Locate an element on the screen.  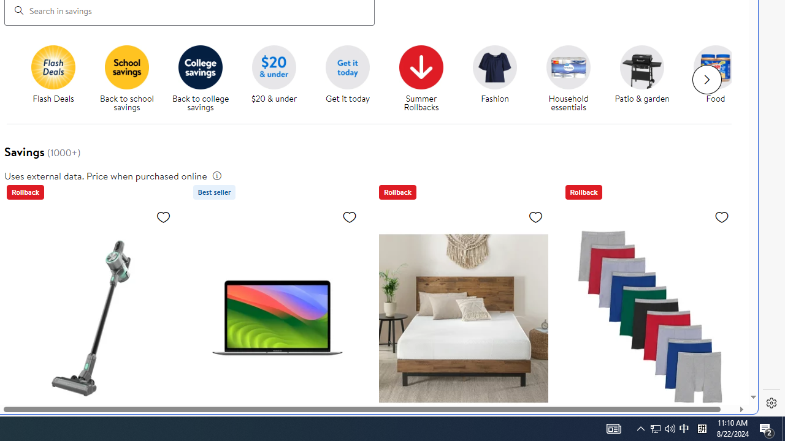
'$20 and under $20 & under' is located at coordinates (274, 75).